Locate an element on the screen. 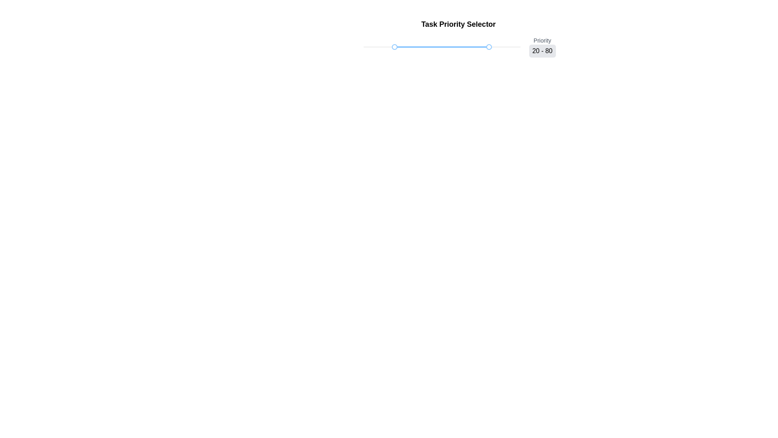 The width and height of the screenshot is (778, 438). the slider is located at coordinates (373, 47).